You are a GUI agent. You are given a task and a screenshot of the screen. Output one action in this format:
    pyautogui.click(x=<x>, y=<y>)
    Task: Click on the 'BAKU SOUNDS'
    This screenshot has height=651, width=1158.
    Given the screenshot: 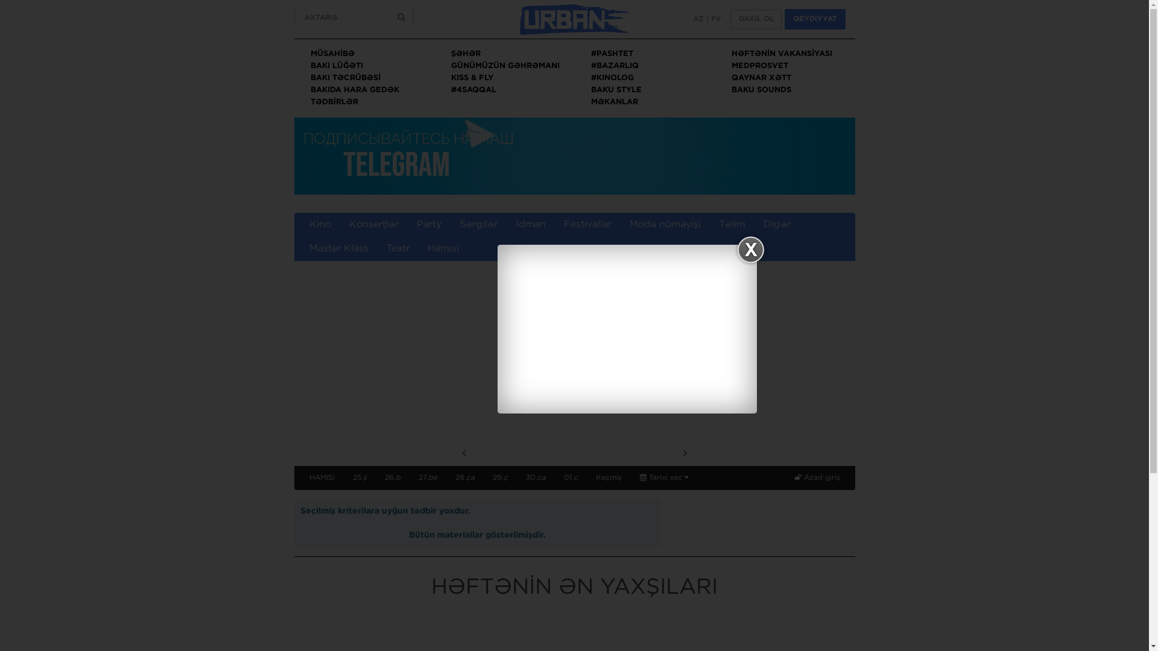 What is the action you would take?
    pyautogui.click(x=761, y=89)
    